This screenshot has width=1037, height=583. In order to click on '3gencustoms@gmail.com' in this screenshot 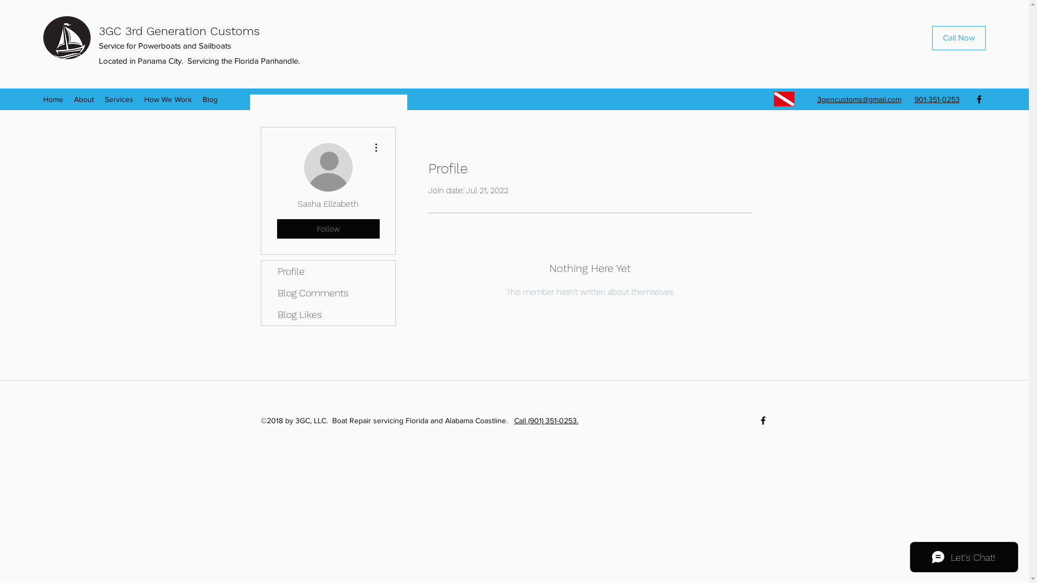, I will do `click(858, 99)`.